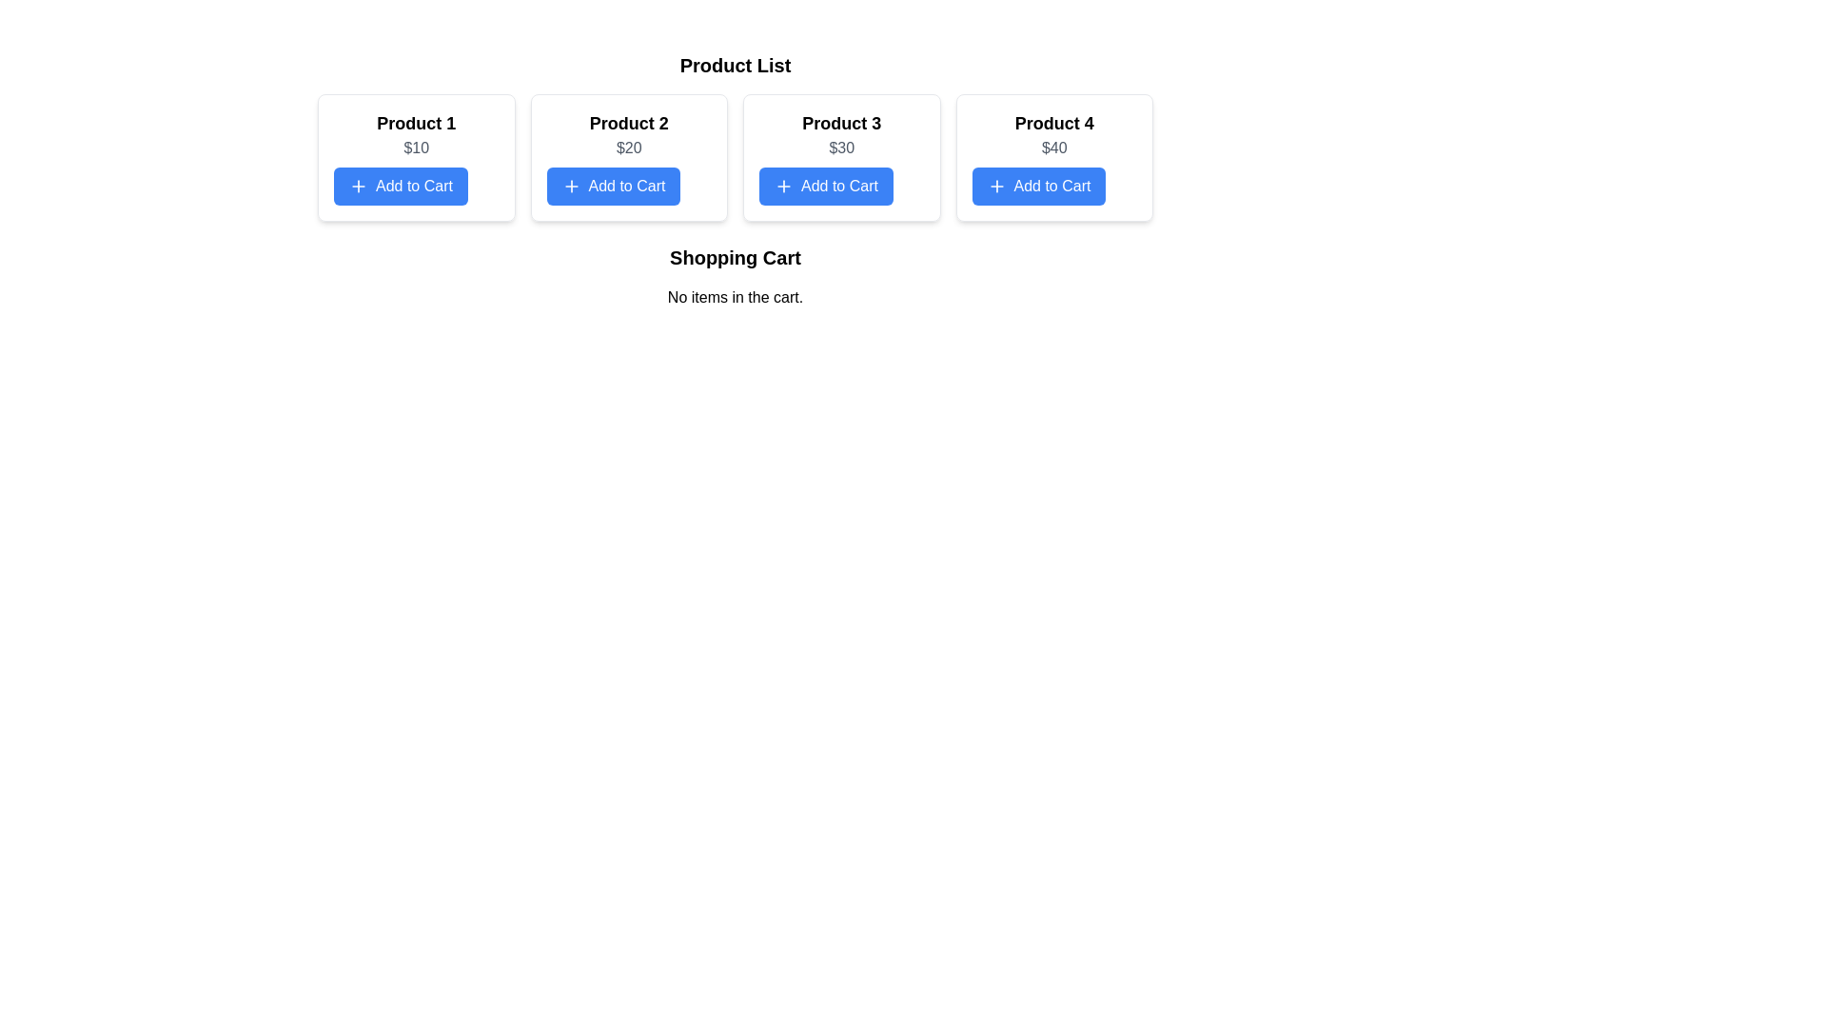 The height and width of the screenshot is (1028, 1827). I want to click on the 'Product List' text label, which serves as the header for the section containing product items, so click(734, 65).